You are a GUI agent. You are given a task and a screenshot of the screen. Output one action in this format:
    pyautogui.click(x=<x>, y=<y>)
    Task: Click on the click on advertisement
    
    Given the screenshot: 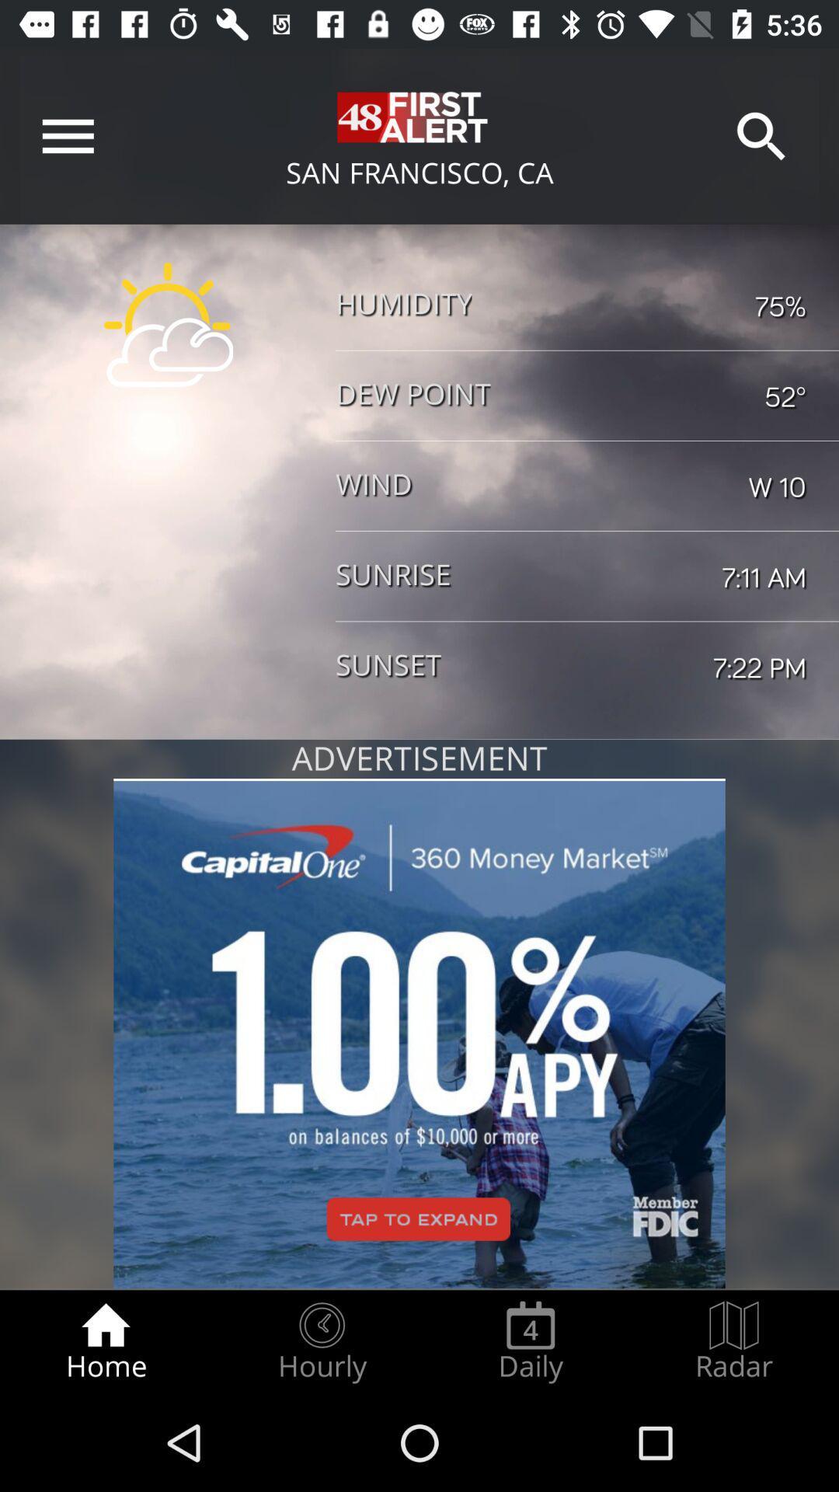 What is the action you would take?
    pyautogui.click(x=419, y=1034)
    